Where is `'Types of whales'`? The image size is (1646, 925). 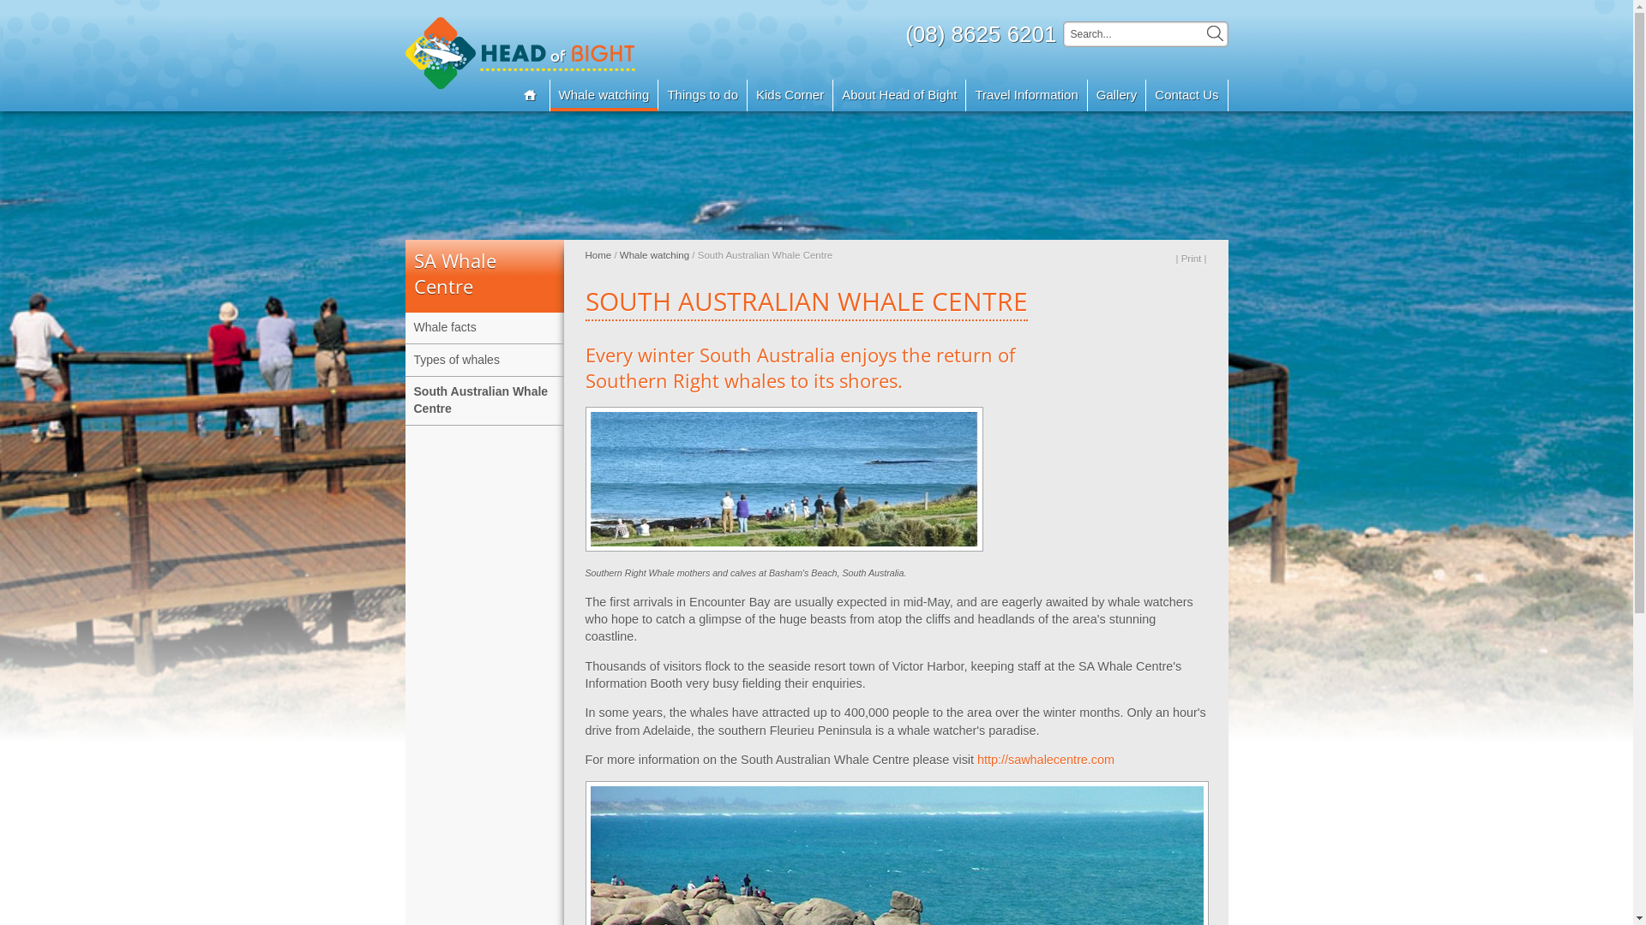 'Types of whales' is located at coordinates (483, 359).